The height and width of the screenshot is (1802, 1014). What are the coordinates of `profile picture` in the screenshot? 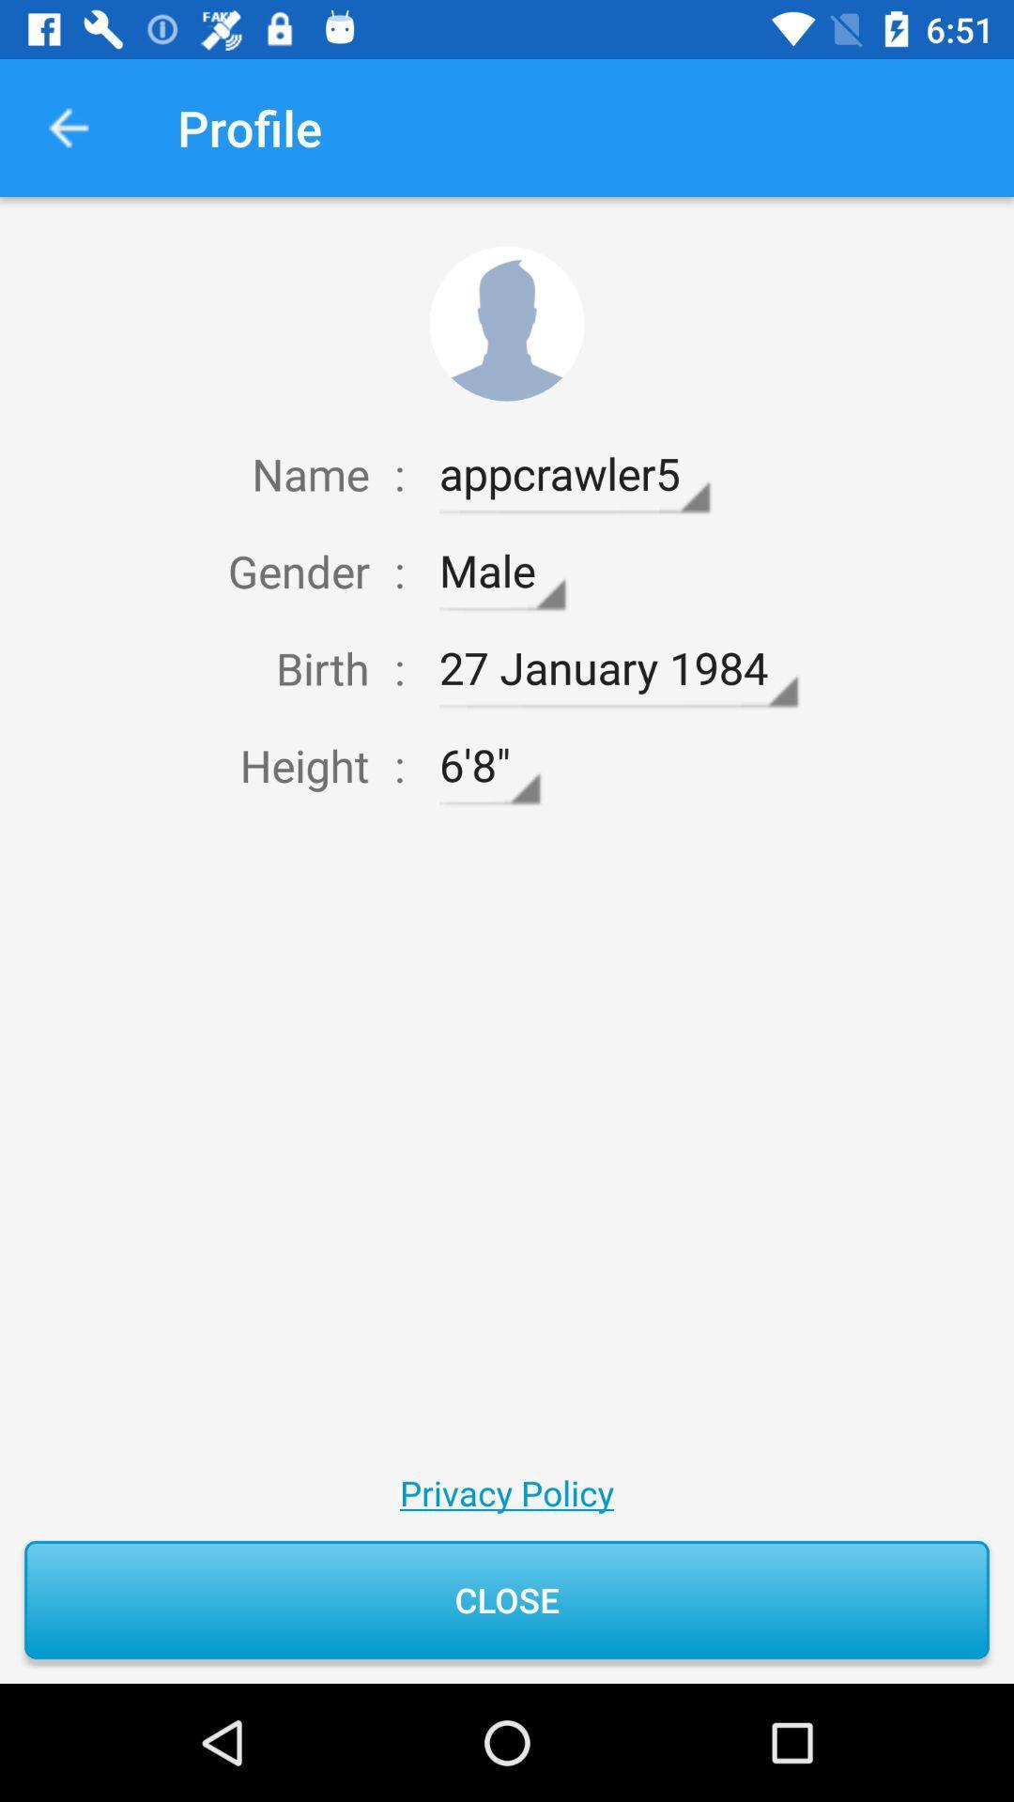 It's located at (507, 324).